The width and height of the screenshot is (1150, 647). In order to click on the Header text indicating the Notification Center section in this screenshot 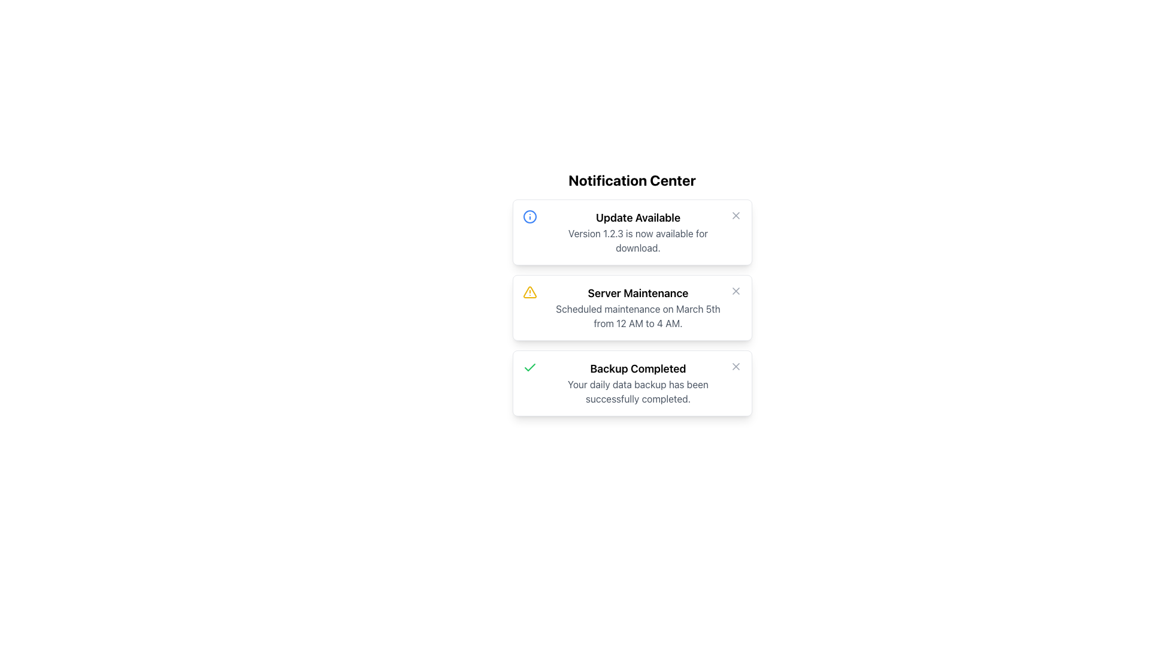, I will do `click(631, 180)`.